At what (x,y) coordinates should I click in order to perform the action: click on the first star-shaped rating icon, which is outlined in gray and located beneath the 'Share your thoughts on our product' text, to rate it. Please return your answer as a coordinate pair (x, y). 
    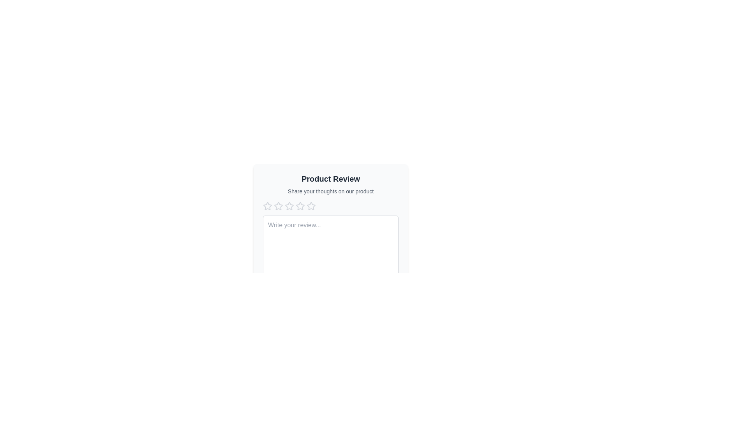
    Looking at the image, I should click on (267, 205).